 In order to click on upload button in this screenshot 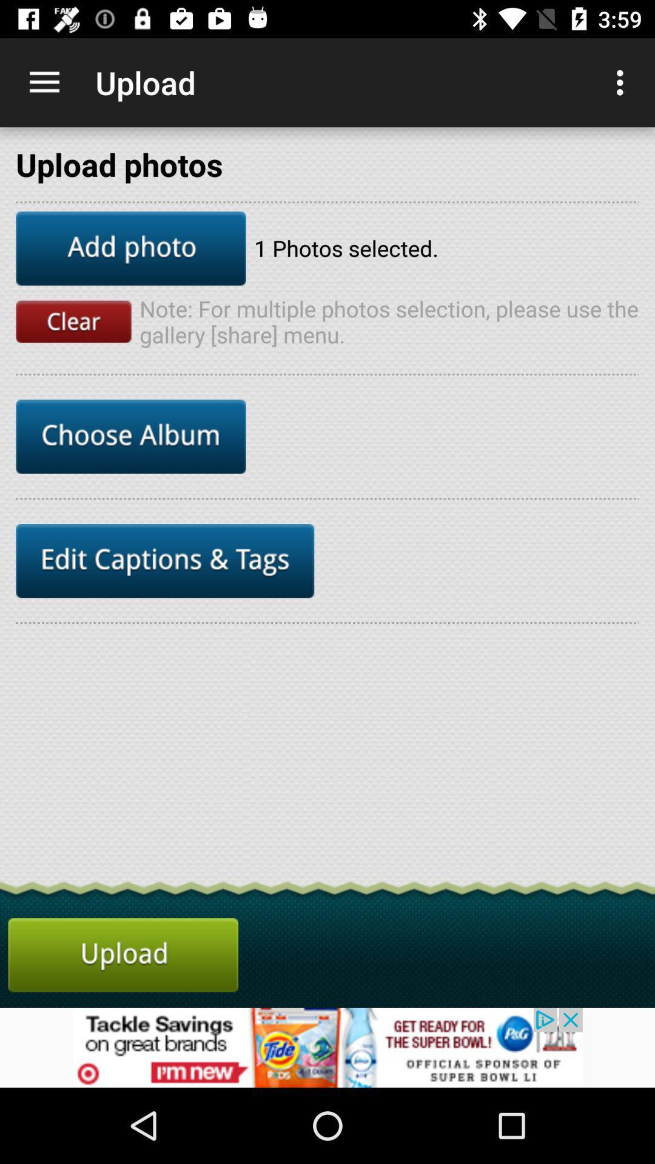, I will do `click(123, 954)`.